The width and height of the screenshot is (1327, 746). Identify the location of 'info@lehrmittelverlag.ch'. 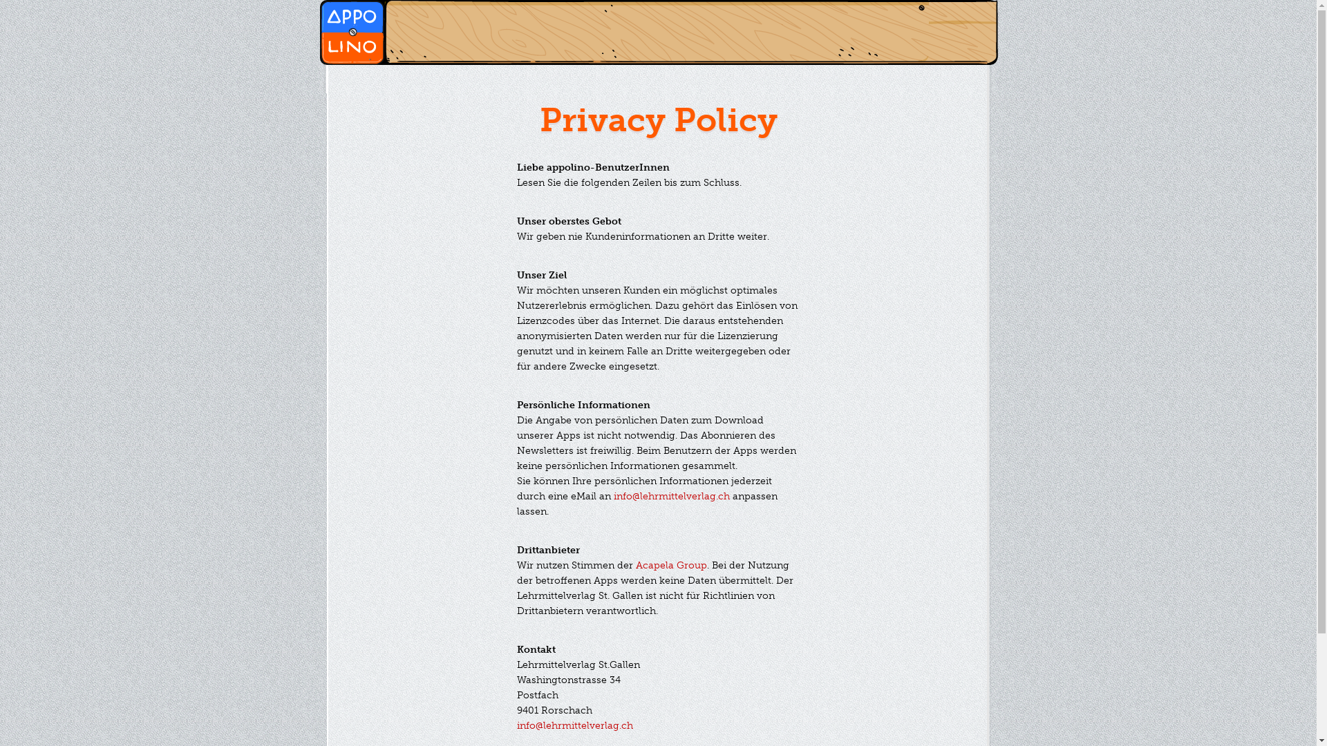
(672, 495).